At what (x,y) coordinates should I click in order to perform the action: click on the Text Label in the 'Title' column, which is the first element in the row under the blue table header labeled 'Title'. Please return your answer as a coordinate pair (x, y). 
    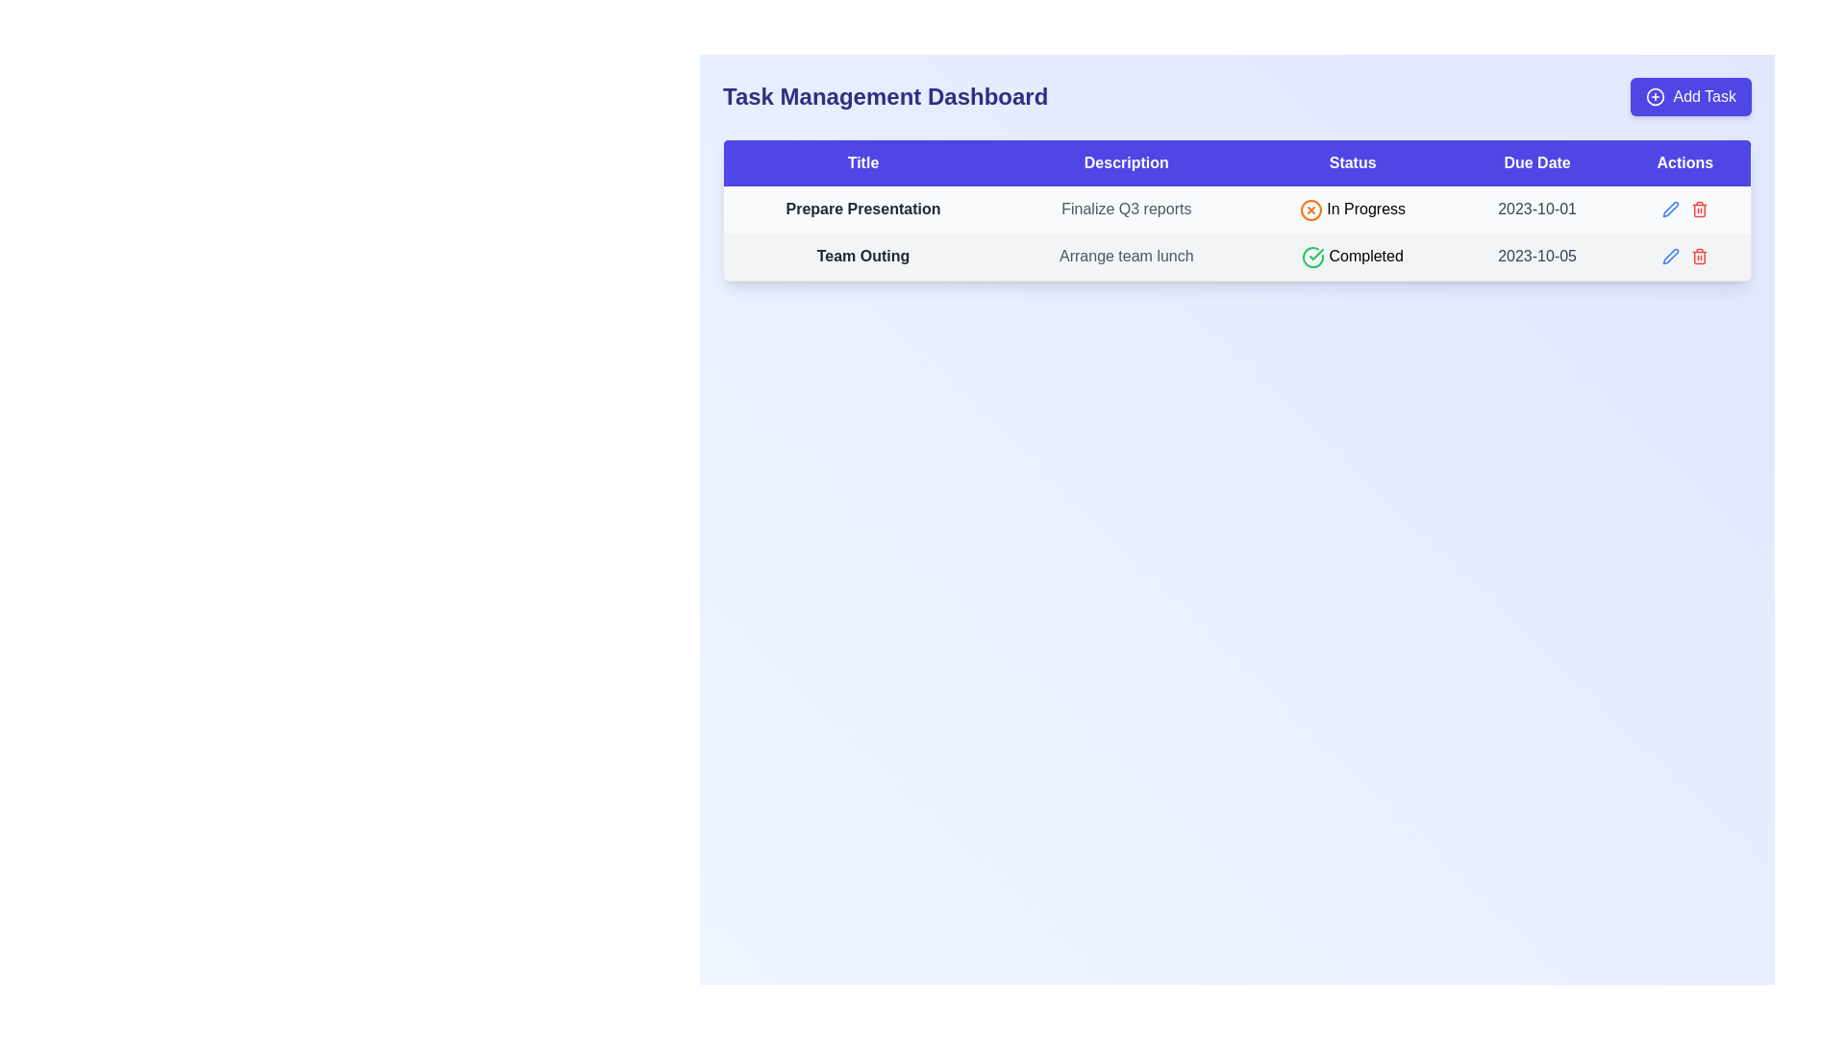
    Looking at the image, I should click on (861, 210).